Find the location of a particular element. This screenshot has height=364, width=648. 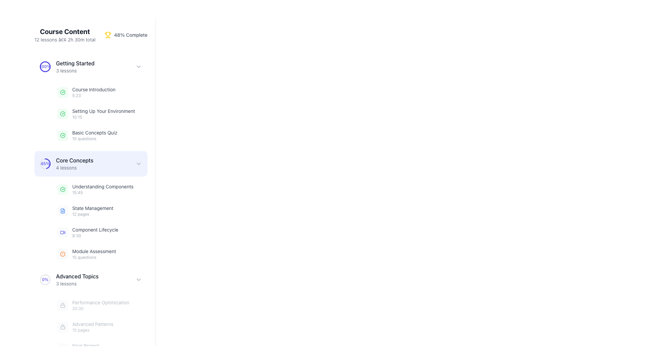

the first lesson overview item in the 'Getting Started' section of the course navigation panel is located at coordinates (86, 92).